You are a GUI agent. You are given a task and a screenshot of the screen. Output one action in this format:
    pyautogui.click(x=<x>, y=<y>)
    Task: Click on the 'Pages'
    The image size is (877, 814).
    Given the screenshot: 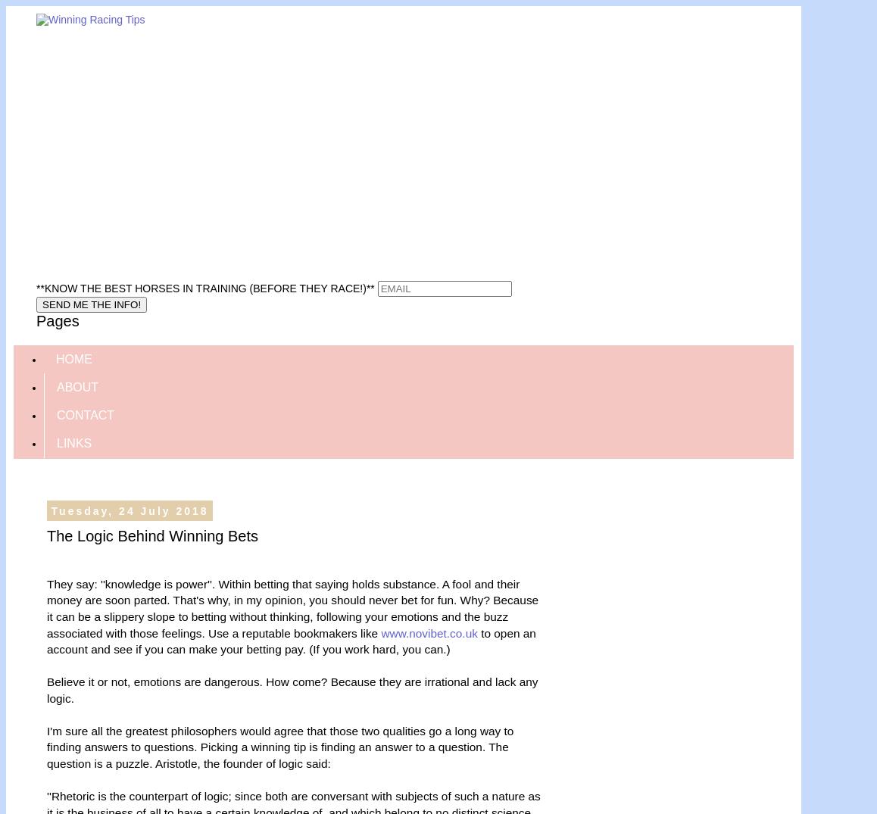 What is the action you would take?
    pyautogui.click(x=36, y=320)
    